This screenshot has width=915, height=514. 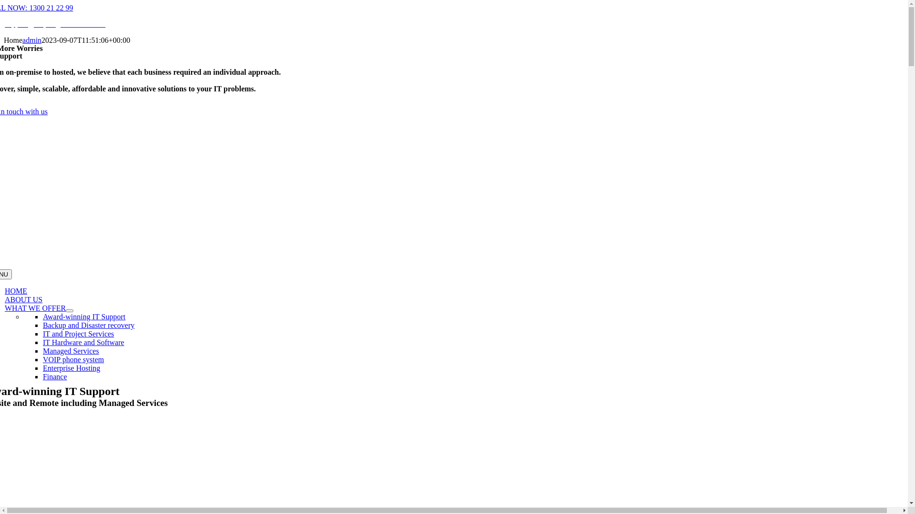 What do you see at coordinates (89, 325) in the screenshot?
I see `'Backup and Disaster recovery'` at bounding box center [89, 325].